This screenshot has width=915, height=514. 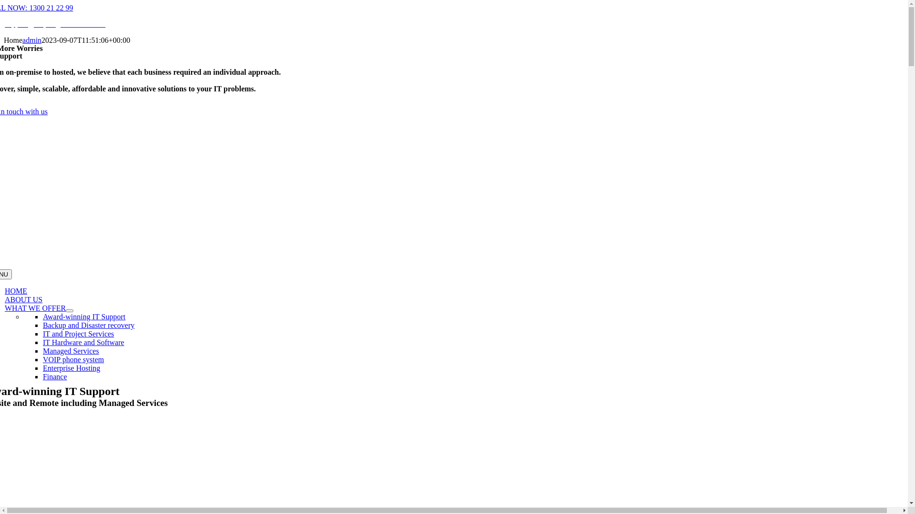 What do you see at coordinates (89, 325) in the screenshot?
I see `'Backup and Disaster recovery'` at bounding box center [89, 325].